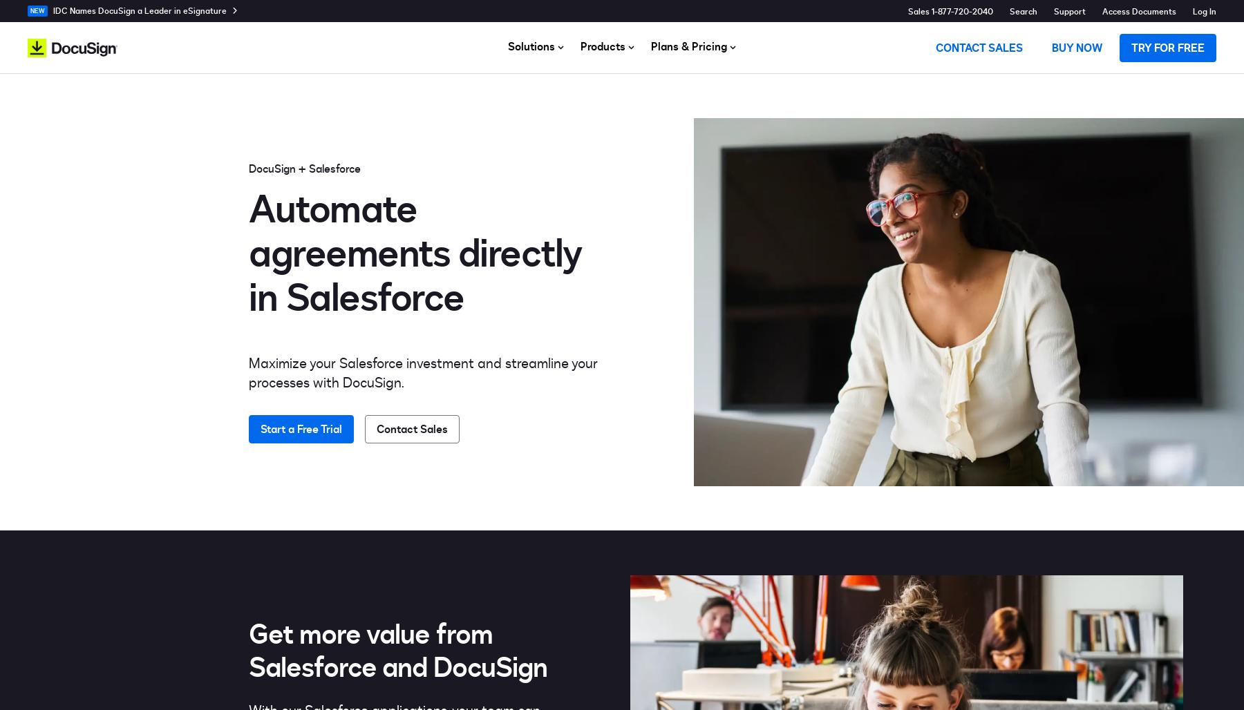 Image resolution: width=1244 pixels, height=710 pixels. What do you see at coordinates (299, 198) in the screenshot?
I see `'Electronic Notarization'` at bounding box center [299, 198].